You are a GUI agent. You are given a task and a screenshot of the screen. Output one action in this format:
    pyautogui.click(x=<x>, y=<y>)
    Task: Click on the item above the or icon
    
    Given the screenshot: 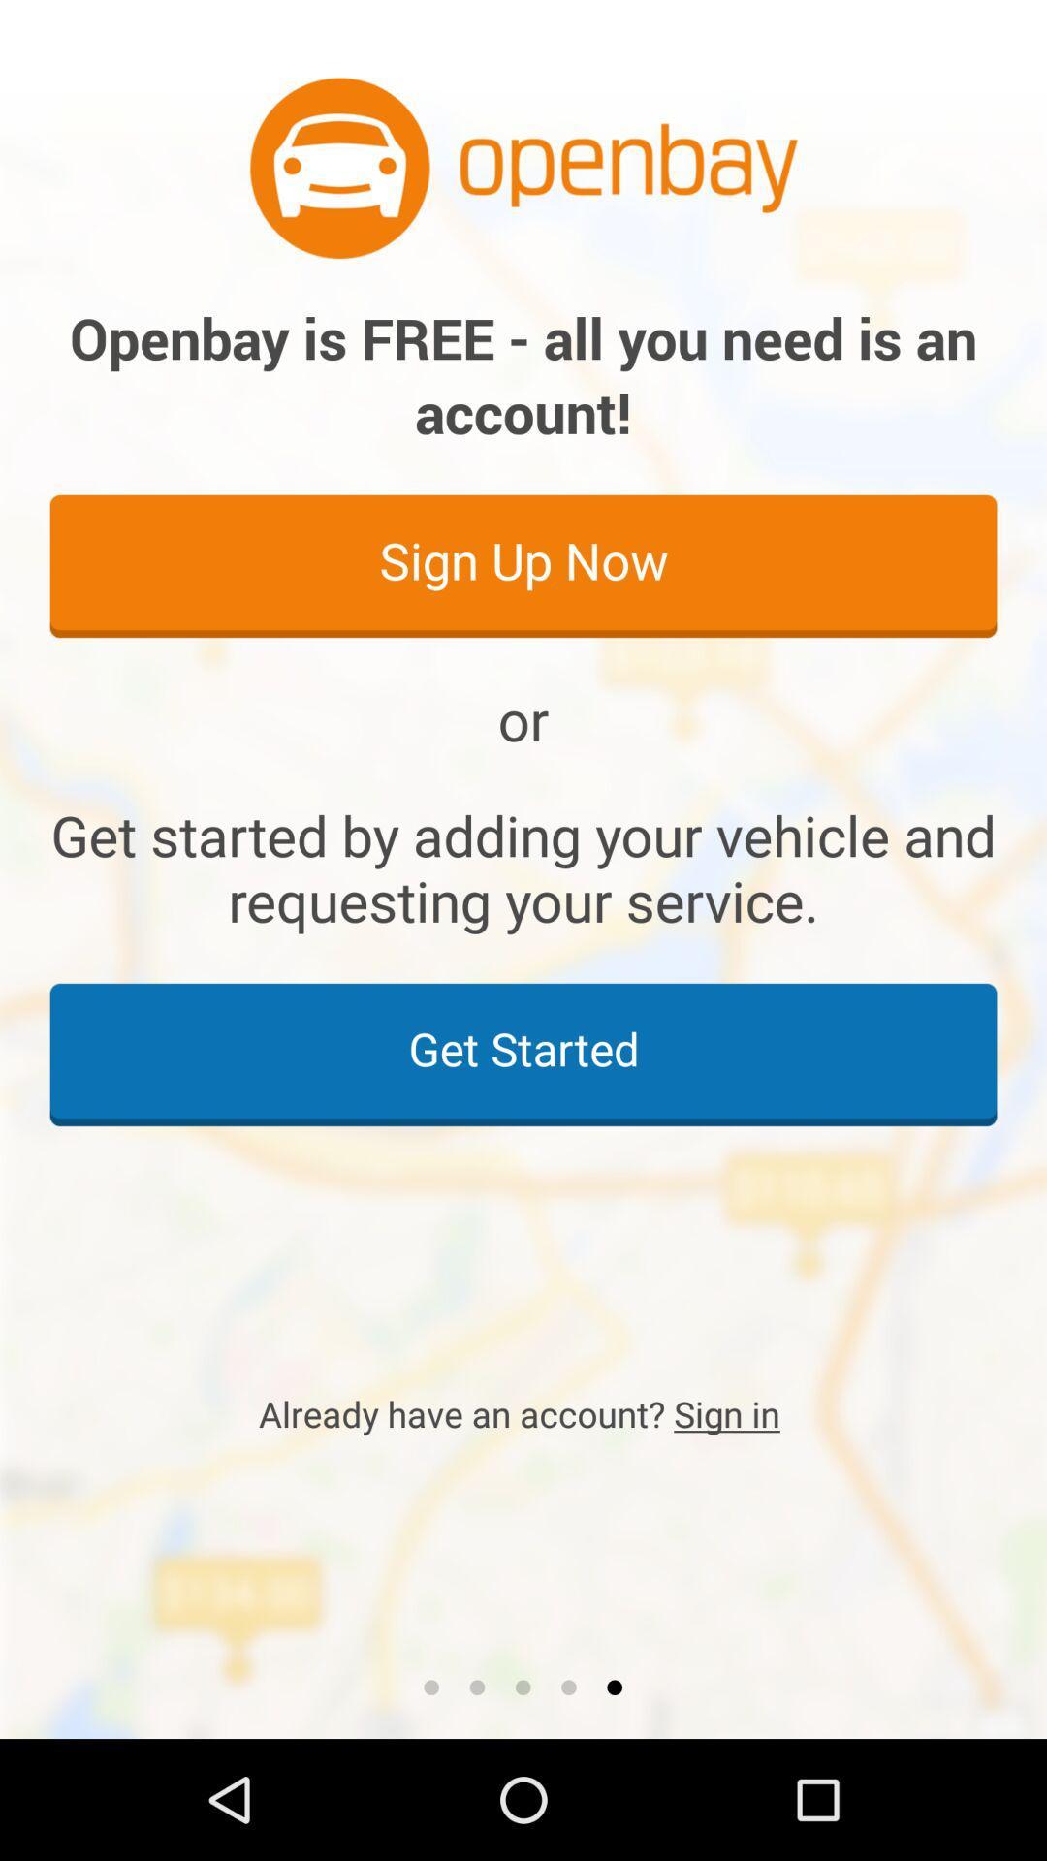 What is the action you would take?
    pyautogui.click(x=523, y=564)
    